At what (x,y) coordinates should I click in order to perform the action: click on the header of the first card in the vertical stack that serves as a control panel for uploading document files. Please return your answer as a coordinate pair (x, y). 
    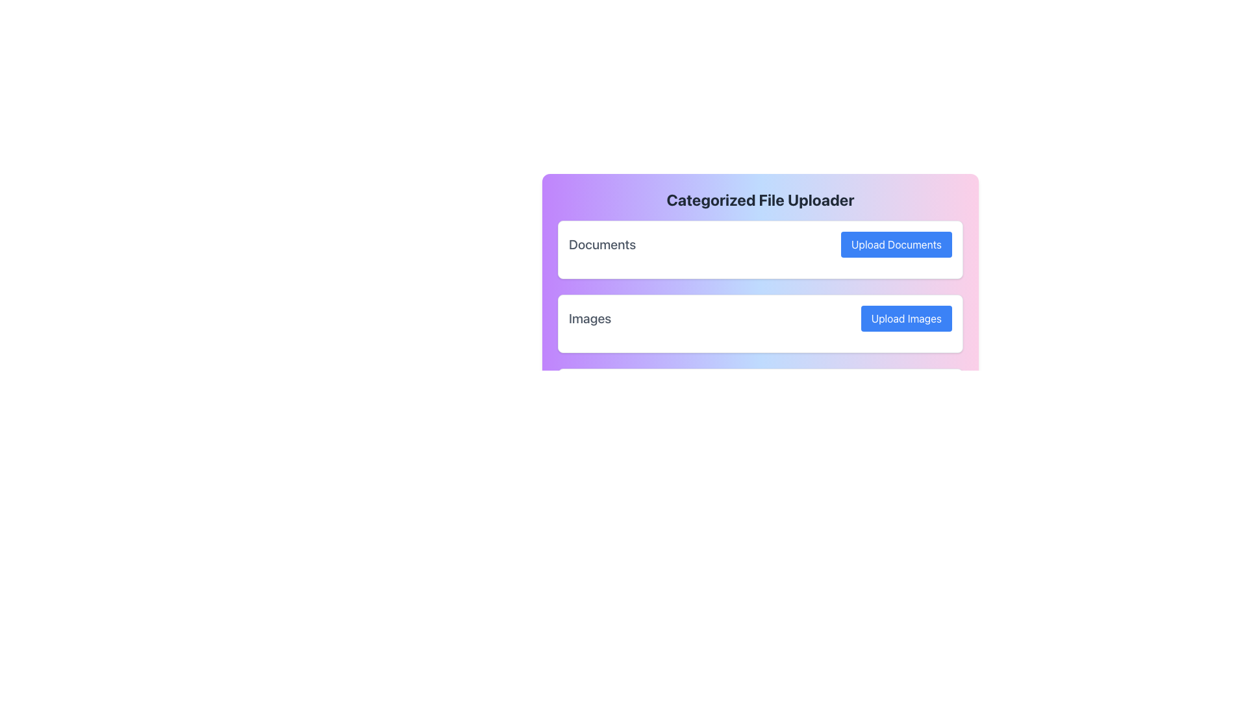
    Looking at the image, I should click on (761, 250).